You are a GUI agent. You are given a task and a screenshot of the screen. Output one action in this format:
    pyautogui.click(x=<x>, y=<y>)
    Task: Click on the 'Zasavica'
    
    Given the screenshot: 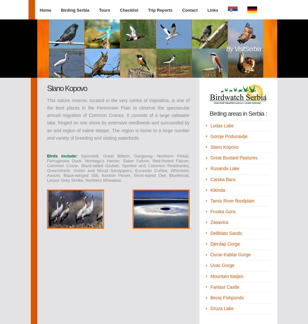 What is the action you would take?
    pyautogui.click(x=210, y=222)
    